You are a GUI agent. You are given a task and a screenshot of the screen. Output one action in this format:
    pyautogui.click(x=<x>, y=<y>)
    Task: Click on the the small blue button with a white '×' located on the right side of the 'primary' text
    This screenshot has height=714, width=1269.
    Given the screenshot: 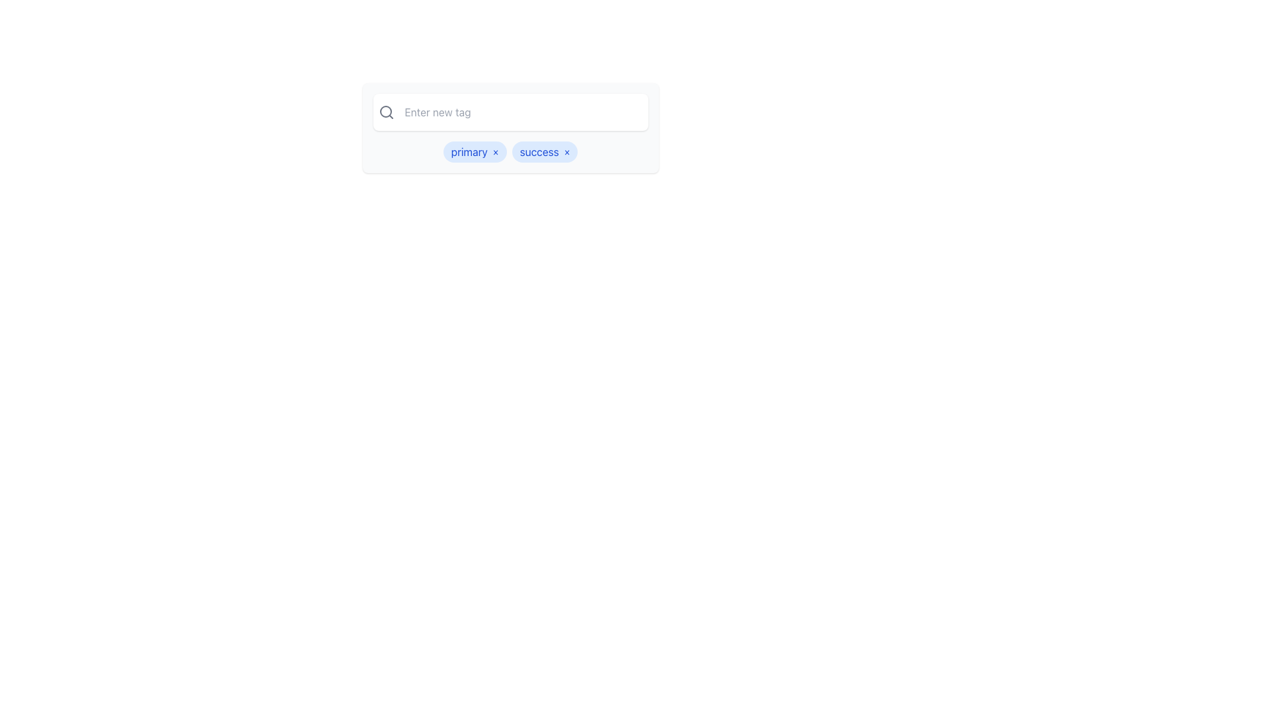 What is the action you would take?
    pyautogui.click(x=495, y=151)
    